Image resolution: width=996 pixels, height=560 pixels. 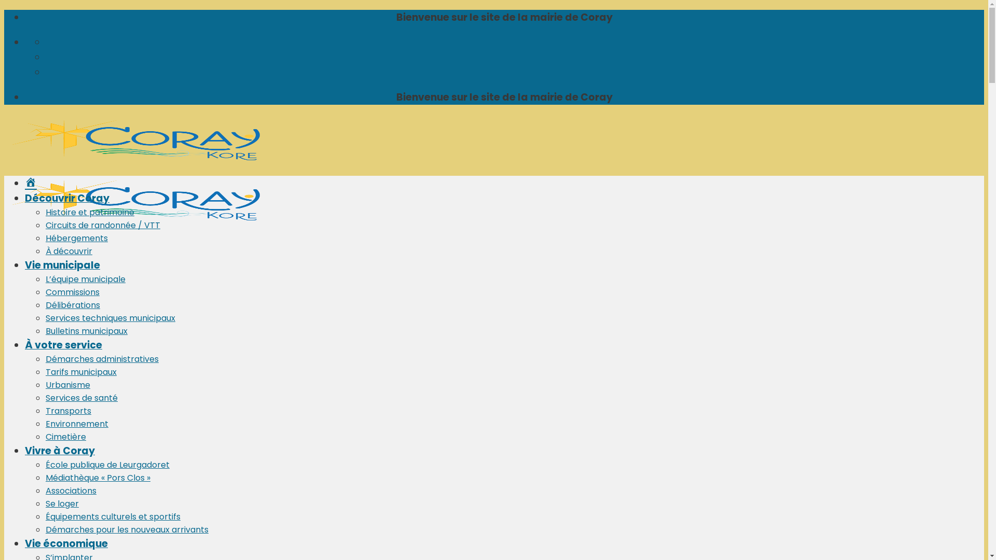 What do you see at coordinates (62, 503) in the screenshot?
I see `'Se loger'` at bounding box center [62, 503].